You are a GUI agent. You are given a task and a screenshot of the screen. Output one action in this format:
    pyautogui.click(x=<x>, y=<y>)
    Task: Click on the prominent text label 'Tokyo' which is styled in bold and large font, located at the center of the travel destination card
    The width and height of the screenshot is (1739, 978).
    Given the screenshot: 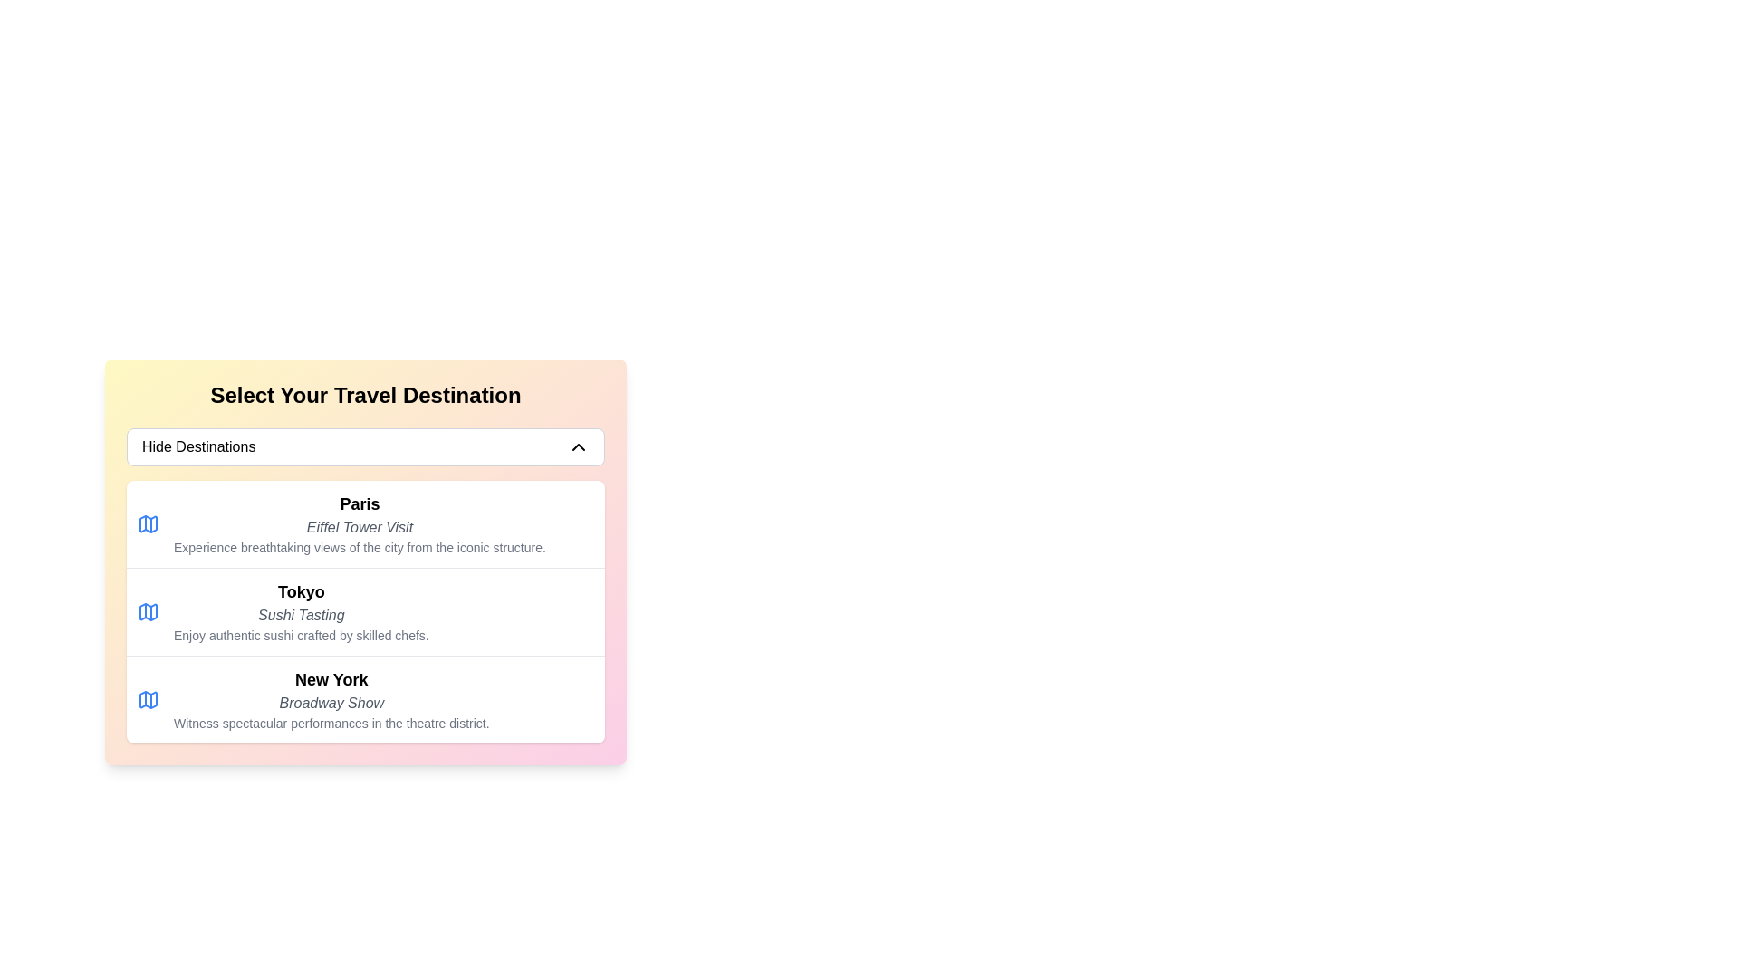 What is the action you would take?
    pyautogui.click(x=301, y=592)
    